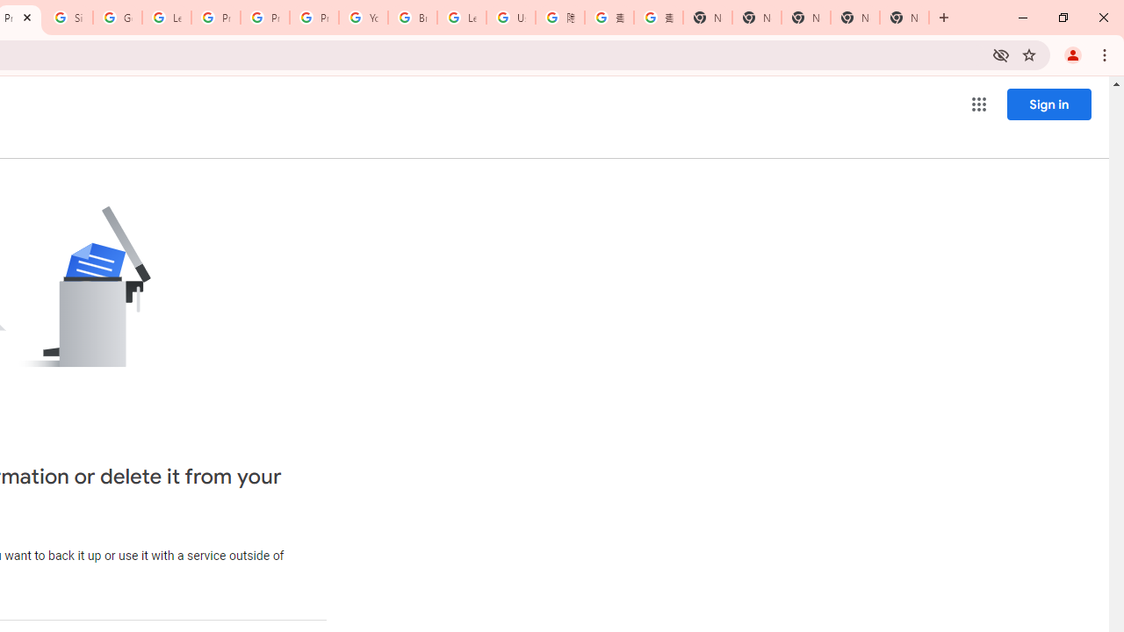 The width and height of the screenshot is (1124, 632). Describe the element at coordinates (264, 18) in the screenshot. I see `'Privacy Help Center - Policies Help'` at that location.